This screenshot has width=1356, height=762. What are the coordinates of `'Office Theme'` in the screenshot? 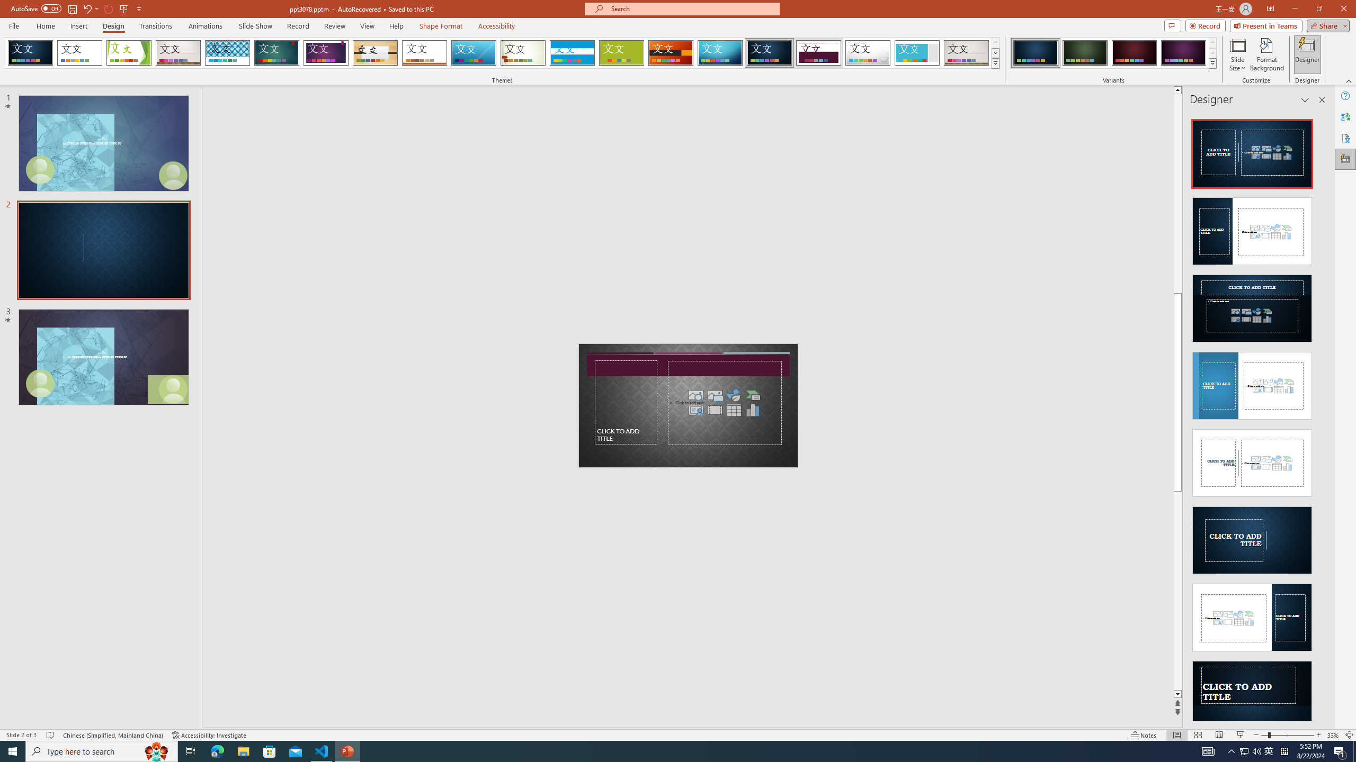 It's located at (79, 52).